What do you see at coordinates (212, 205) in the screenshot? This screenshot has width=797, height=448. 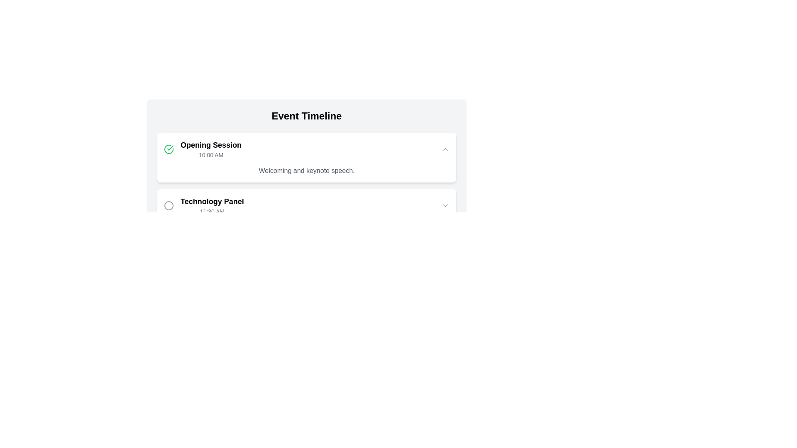 I see `the text block displaying 'Technology Panel' in bold black text and '11:30 AM' in smaller gray text, located within the timeline interface under the 'Opening Session' item` at bounding box center [212, 205].